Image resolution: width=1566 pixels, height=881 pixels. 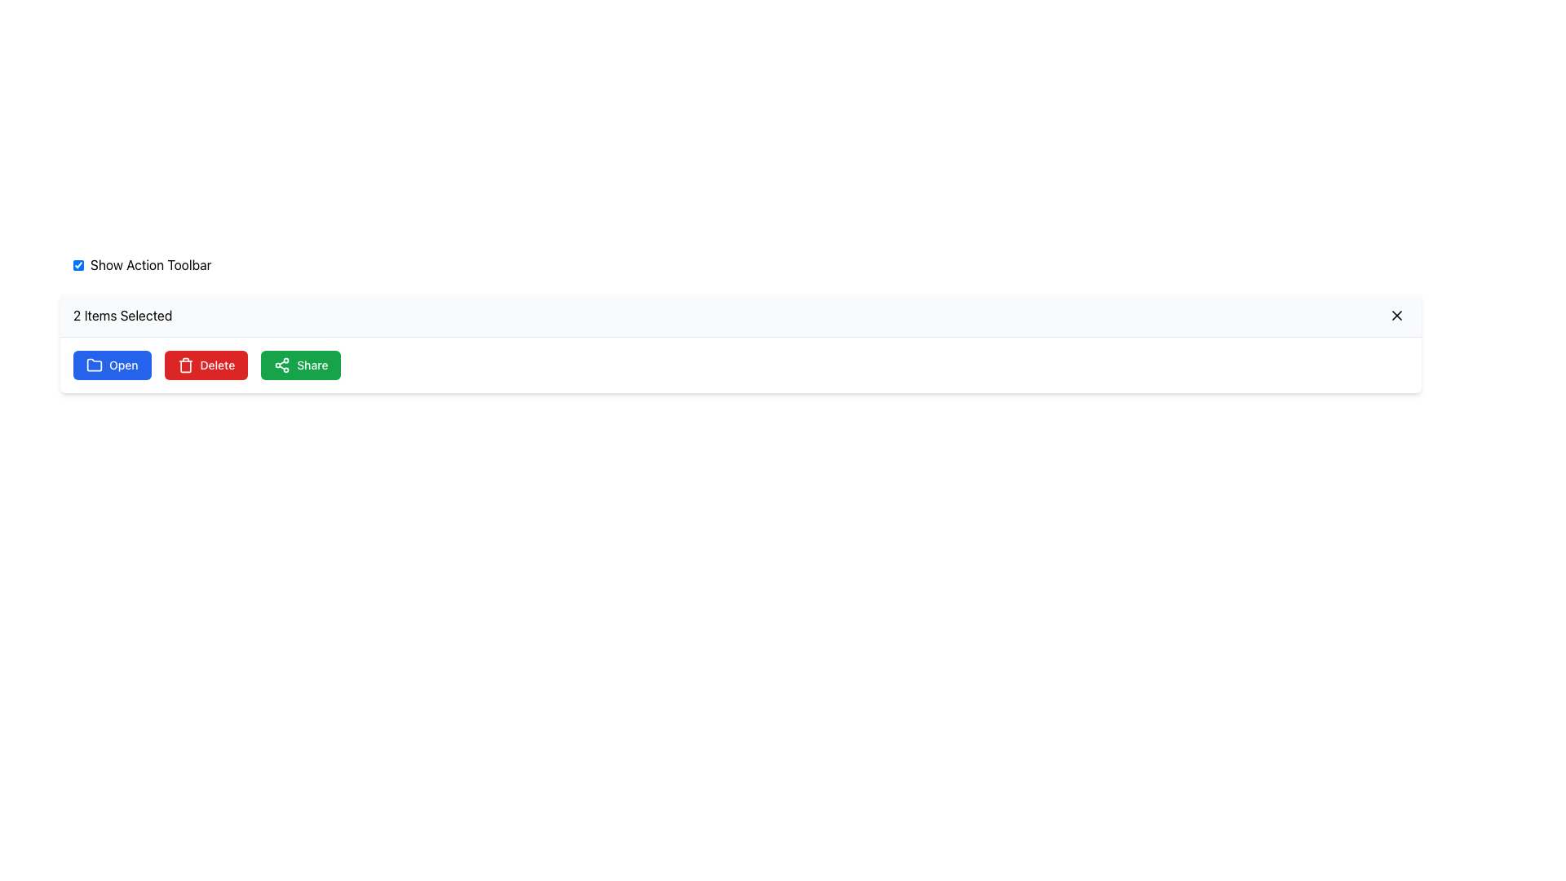 What do you see at coordinates (205, 364) in the screenshot?
I see `the 'Delete' button, which is the second button in a row of three buttons labeled 'Open', 'Delete', and 'Share'` at bounding box center [205, 364].